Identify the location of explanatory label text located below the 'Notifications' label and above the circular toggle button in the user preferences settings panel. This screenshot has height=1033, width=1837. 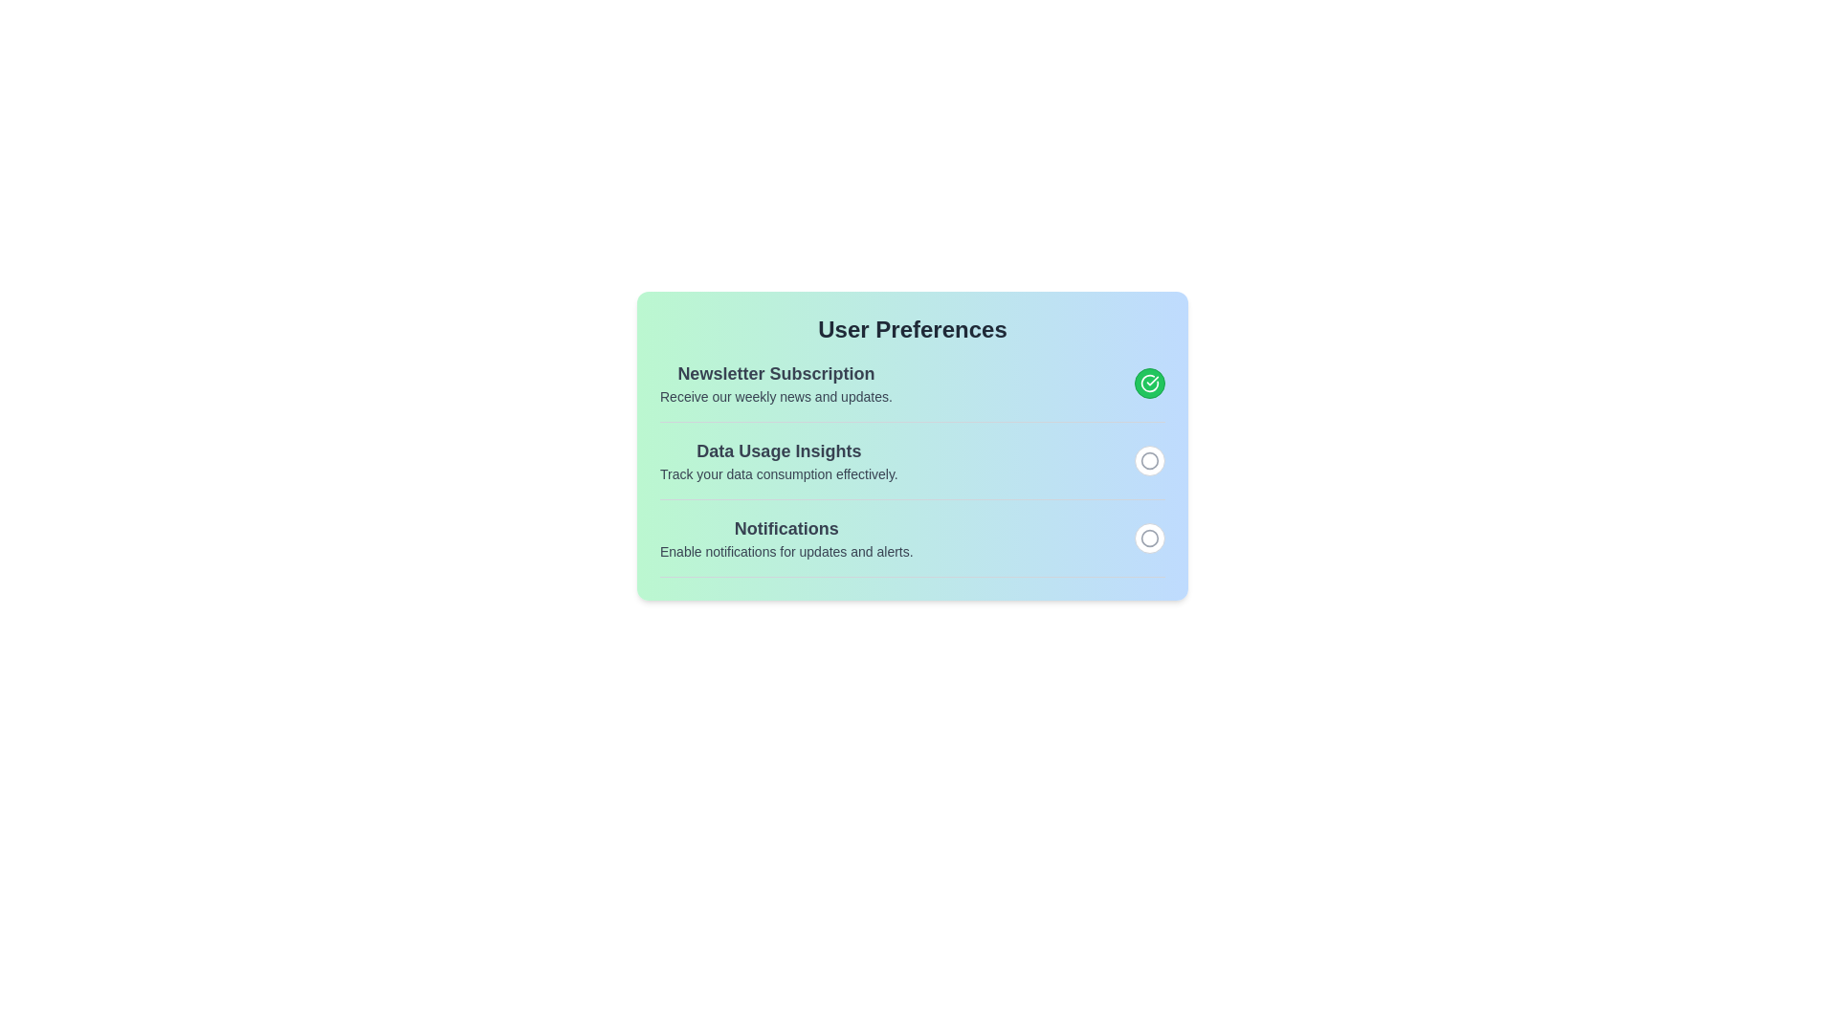
(786, 552).